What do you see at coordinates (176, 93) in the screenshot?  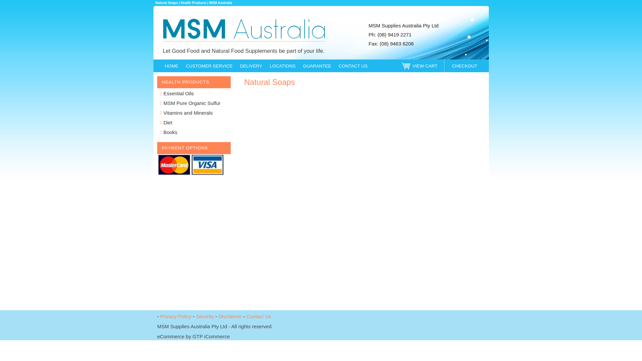 I see `'Essential Oils'` at bounding box center [176, 93].